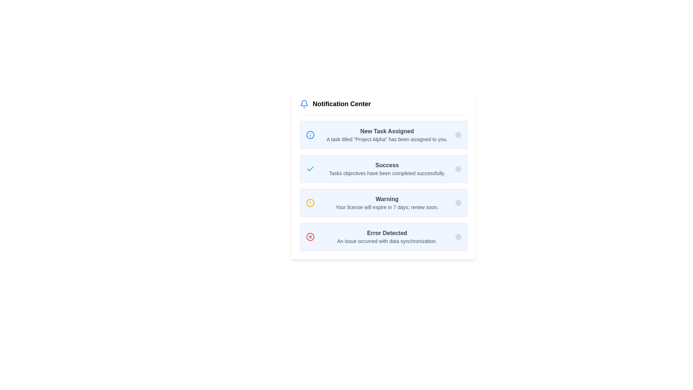 The height and width of the screenshot is (390, 693). What do you see at coordinates (310, 169) in the screenshot?
I see `the success status icon located to the left of the 'Success' notification header` at bounding box center [310, 169].